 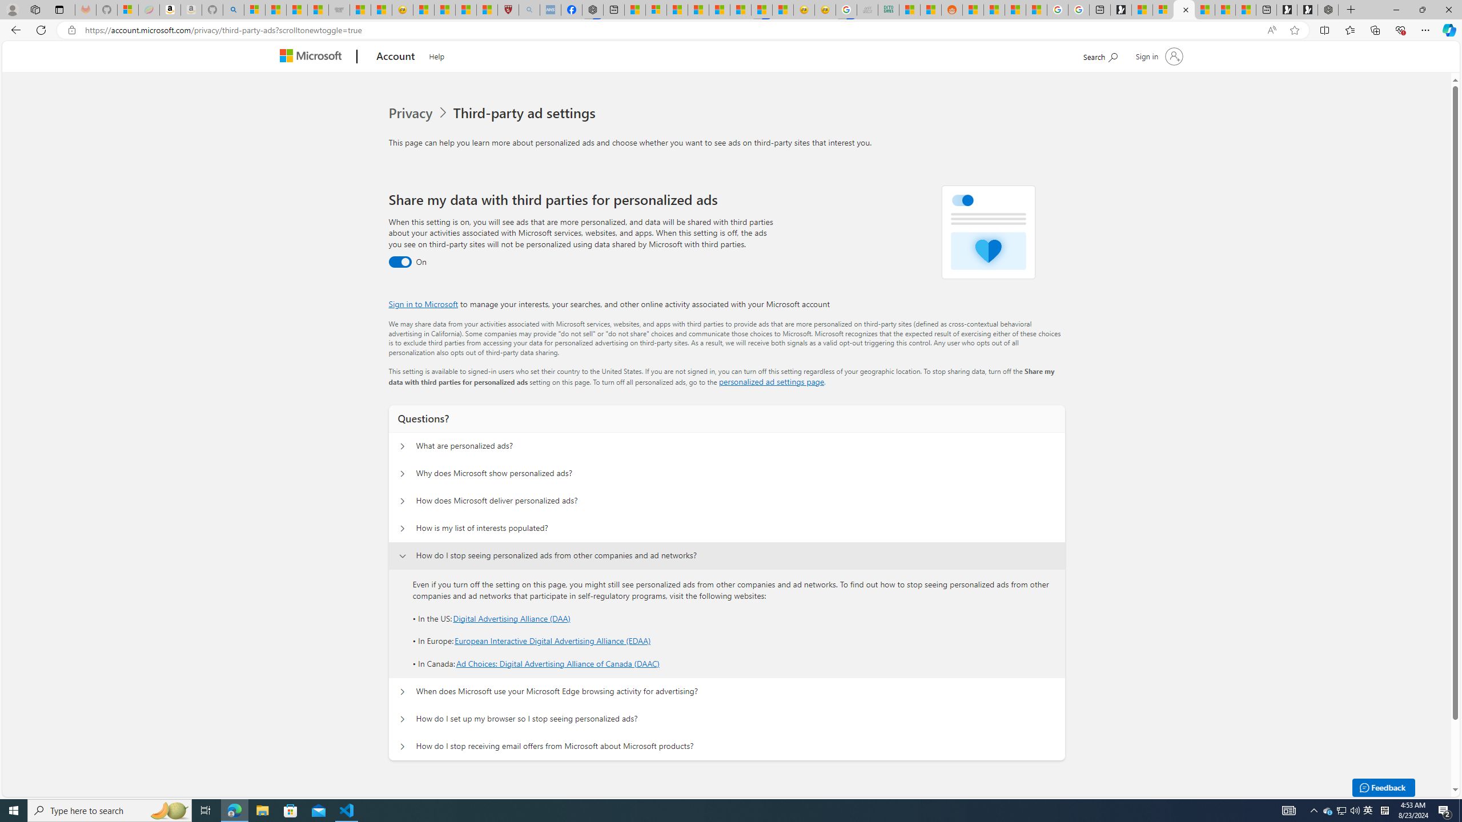 What do you see at coordinates (338, 9) in the screenshot?
I see `'Combat Siege'` at bounding box center [338, 9].